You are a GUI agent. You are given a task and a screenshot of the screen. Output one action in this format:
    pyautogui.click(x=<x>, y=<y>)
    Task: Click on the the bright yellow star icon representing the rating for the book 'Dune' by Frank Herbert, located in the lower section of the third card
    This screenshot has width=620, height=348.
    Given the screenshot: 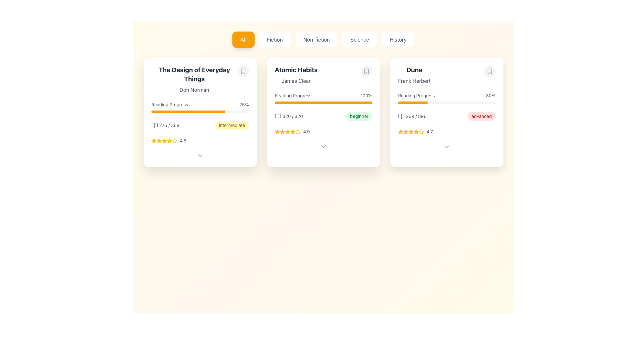 What is the action you would take?
    pyautogui.click(x=400, y=131)
    